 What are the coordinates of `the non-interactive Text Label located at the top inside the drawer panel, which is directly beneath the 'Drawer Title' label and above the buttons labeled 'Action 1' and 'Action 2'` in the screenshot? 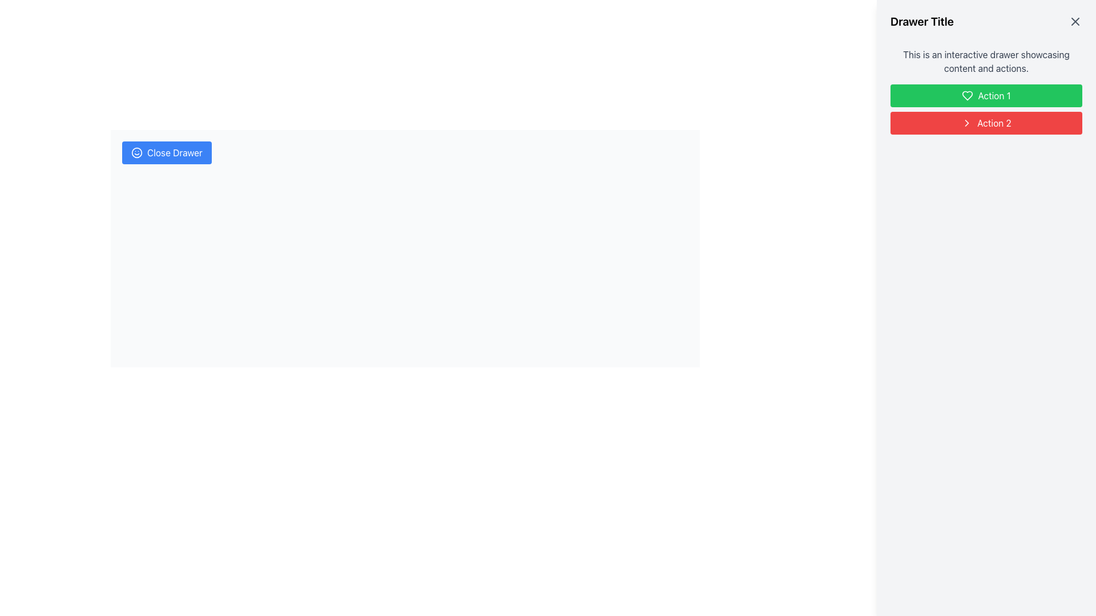 It's located at (986, 62).